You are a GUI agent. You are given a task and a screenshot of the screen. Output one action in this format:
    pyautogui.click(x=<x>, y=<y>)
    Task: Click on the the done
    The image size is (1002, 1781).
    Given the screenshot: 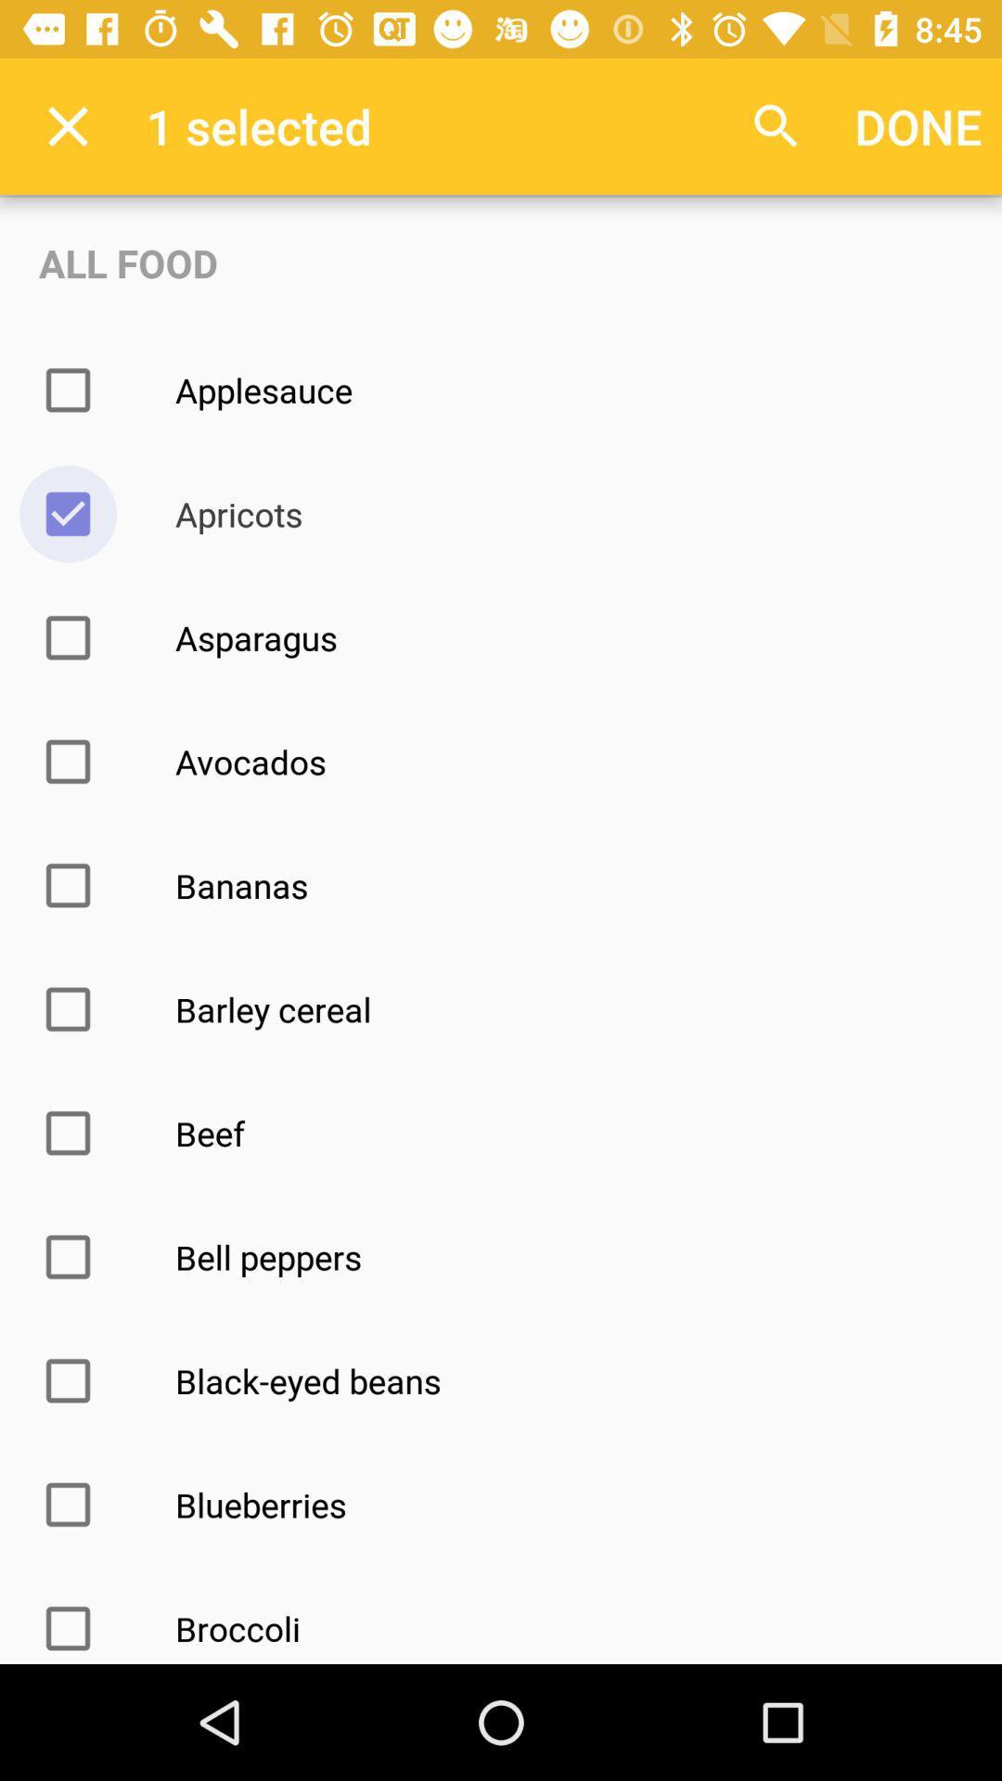 What is the action you would take?
    pyautogui.click(x=918, y=125)
    